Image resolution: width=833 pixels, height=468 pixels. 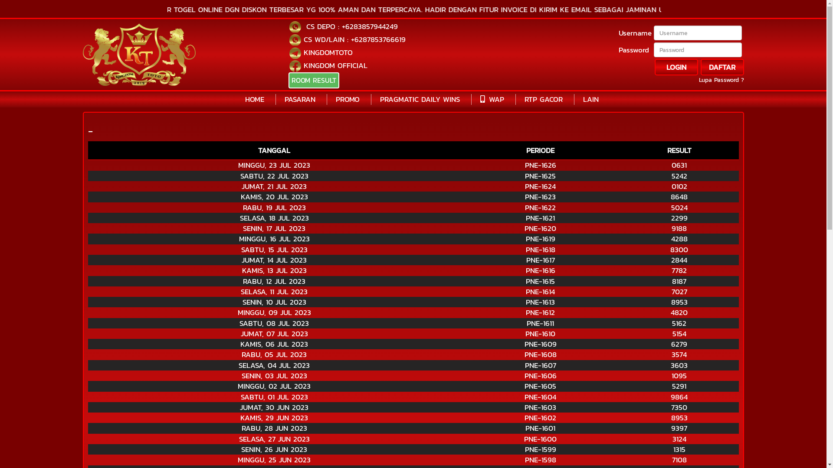 What do you see at coordinates (721, 80) in the screenshot?
I see `'Lupa Password ?'` at bounding box center [721, 80].